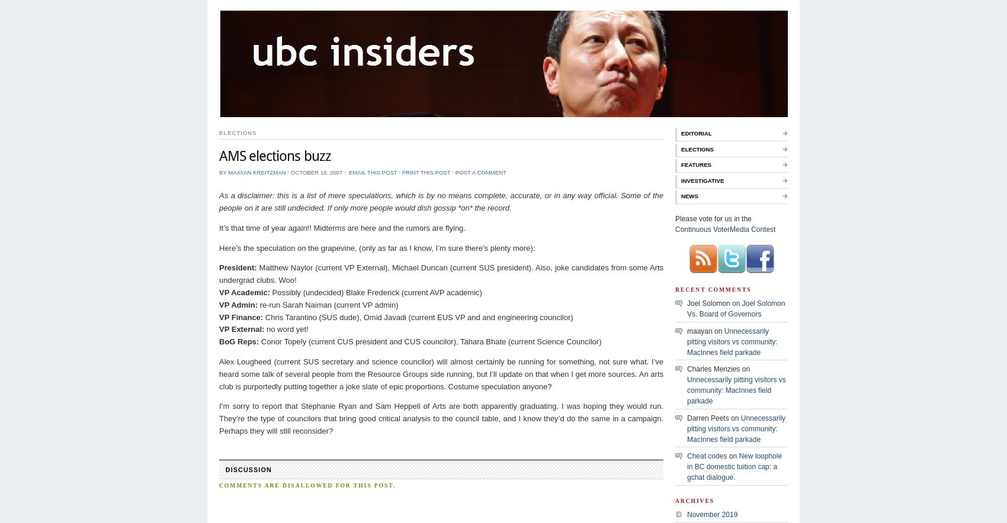 This screenshot has height=523, width=1007. What do you see at coordinates (687, 456) in the screenshot?
I see `'Cheat codes'` at bounding box center [687, 456].